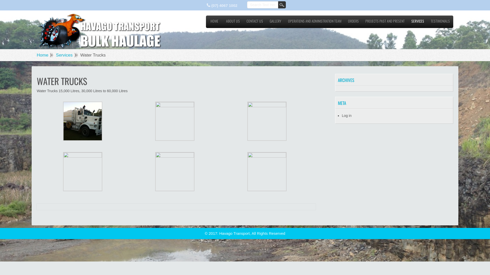  What do you see at coordinates (418, 22) in the screenshot?
I see `'SERVICES'` at bounding box center [418, 22].